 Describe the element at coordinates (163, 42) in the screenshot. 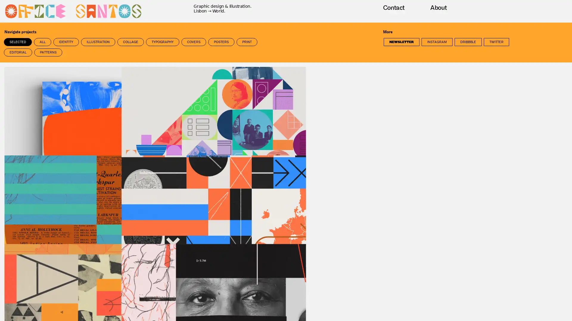

I see `TYPOGRAPHY` at that location.